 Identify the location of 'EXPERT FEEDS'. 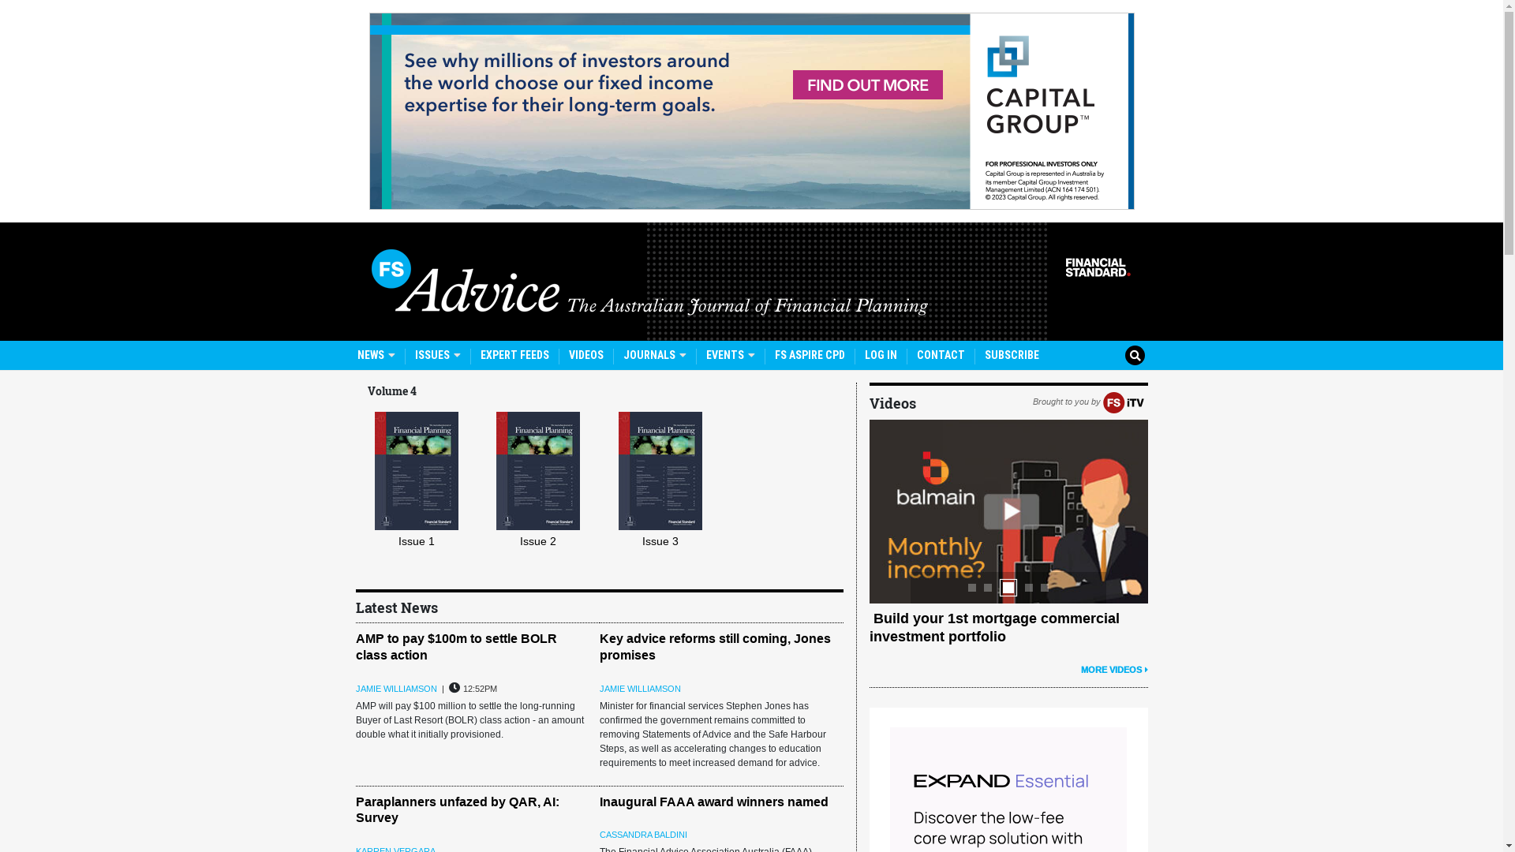
(479, 355).